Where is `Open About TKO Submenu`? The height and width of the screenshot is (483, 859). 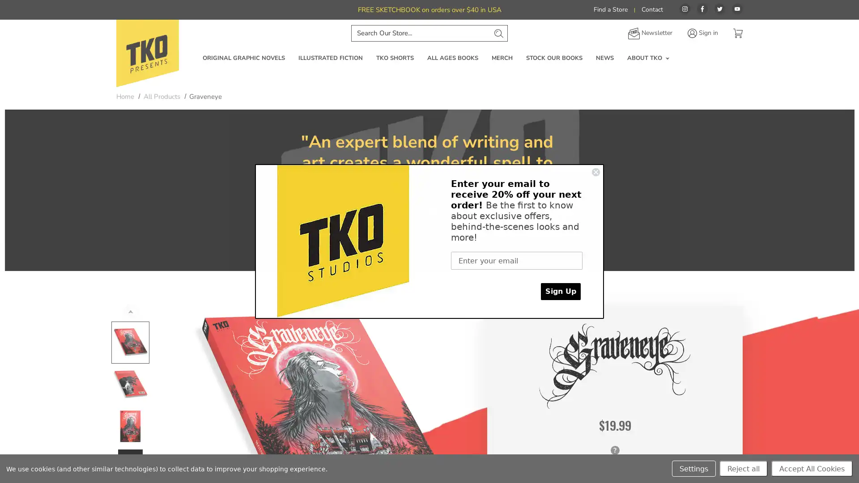 Open About TKO Submenu is located at coordinates (667, 58).